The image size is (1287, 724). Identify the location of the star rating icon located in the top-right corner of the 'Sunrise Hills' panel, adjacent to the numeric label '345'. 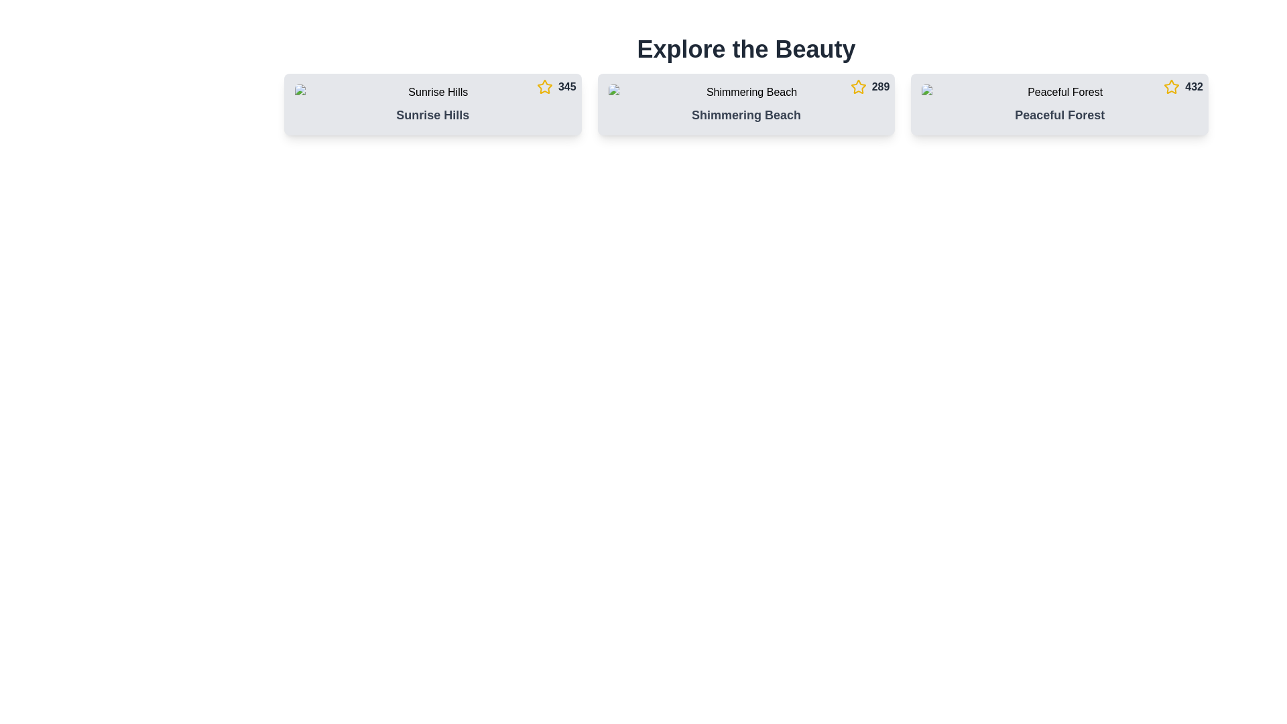
(544, 87).